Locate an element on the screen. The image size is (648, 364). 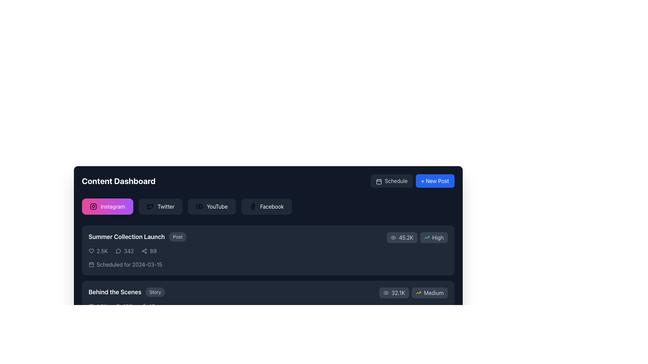
the text label that displays the count of comments or interactions beneath the 'Behind the Scenes' heading, located between the heart-related group and the share-related group is located at coordinates (124, 306).